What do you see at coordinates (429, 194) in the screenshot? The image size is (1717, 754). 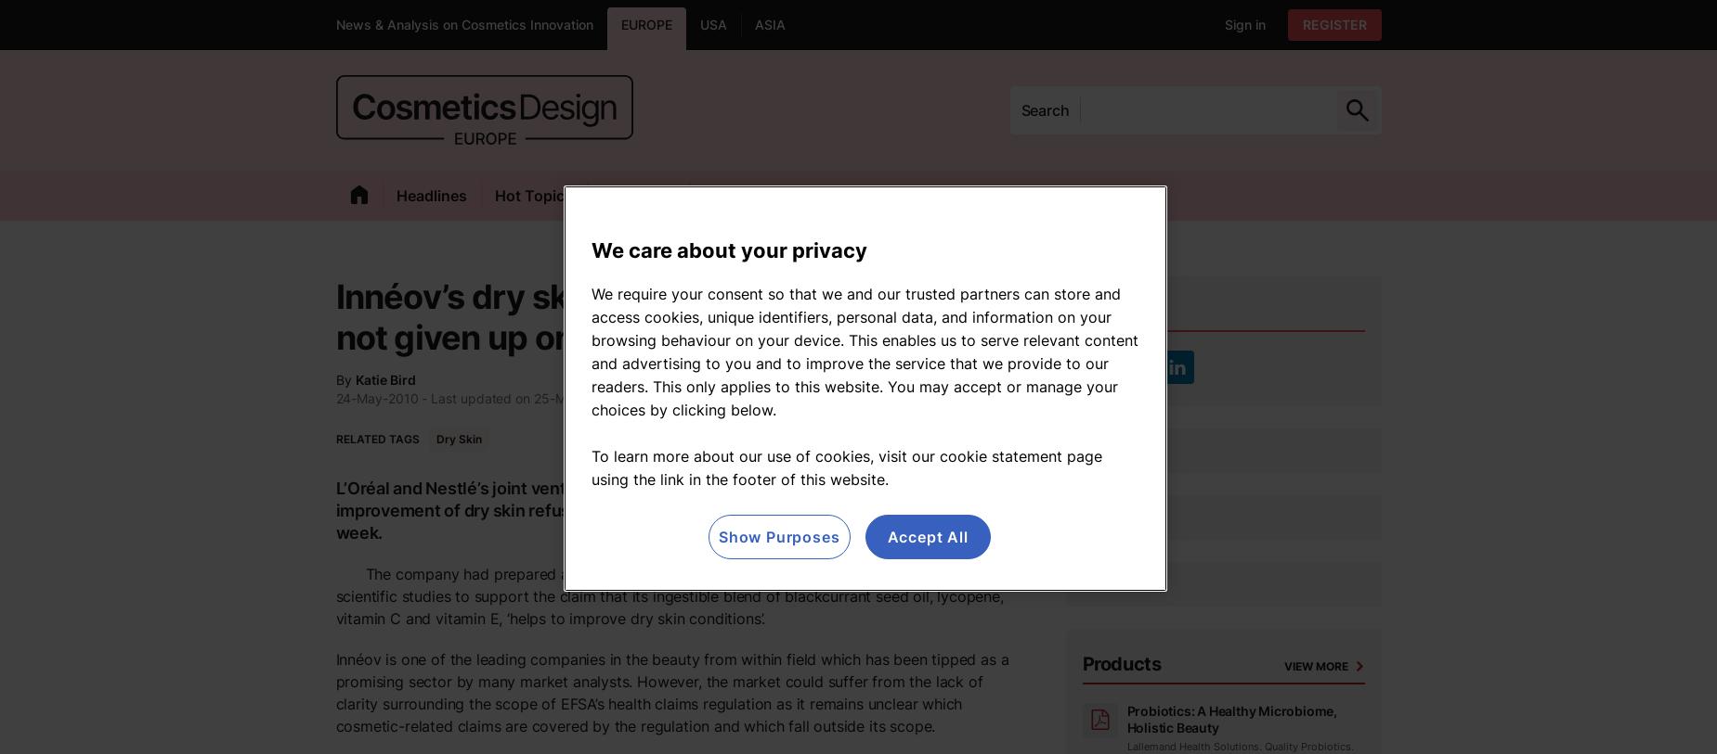 I see `'Headlines'` at bounding box center [429, 194].